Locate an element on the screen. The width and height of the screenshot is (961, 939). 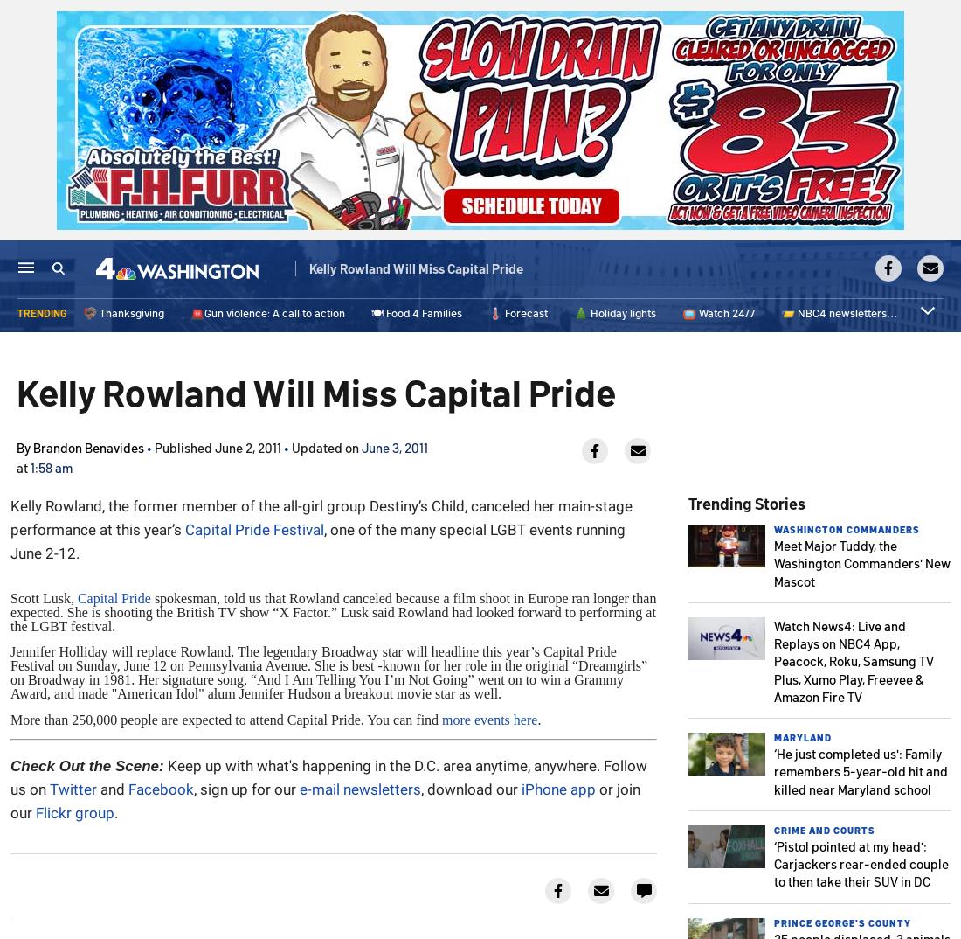
'Kelly Rowland Will Miss Capital Pride' is located at coordinates (316, 390).